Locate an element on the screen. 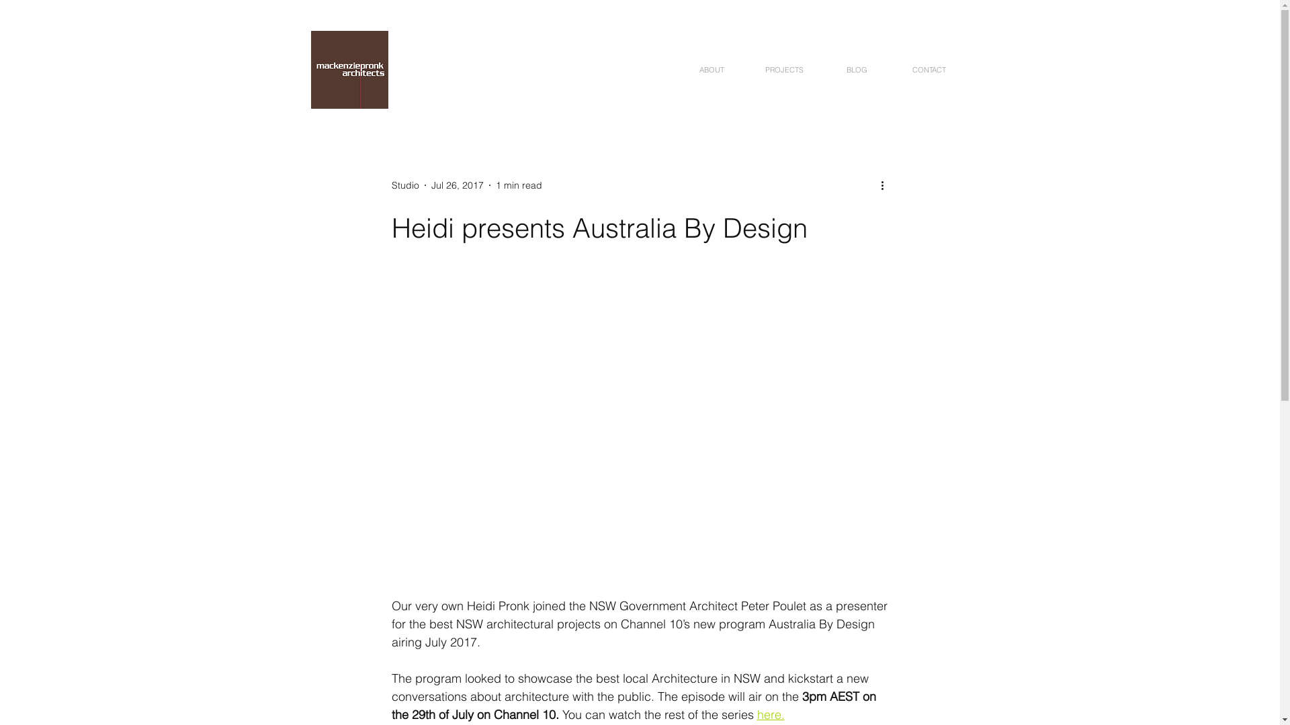  'here.' is located at coordinates (770, 714).